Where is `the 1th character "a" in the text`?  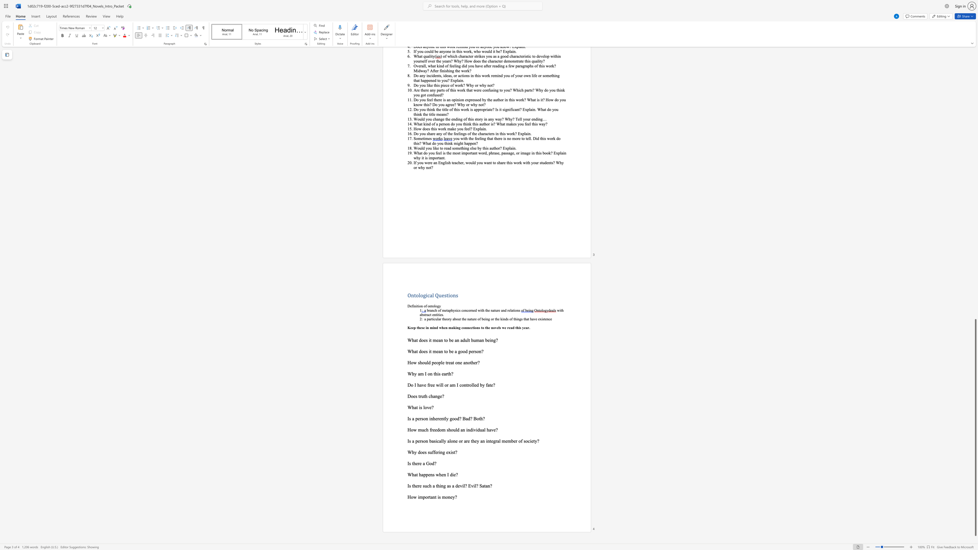
the 1th character "a" in the text is located at coordinates (413, 441).